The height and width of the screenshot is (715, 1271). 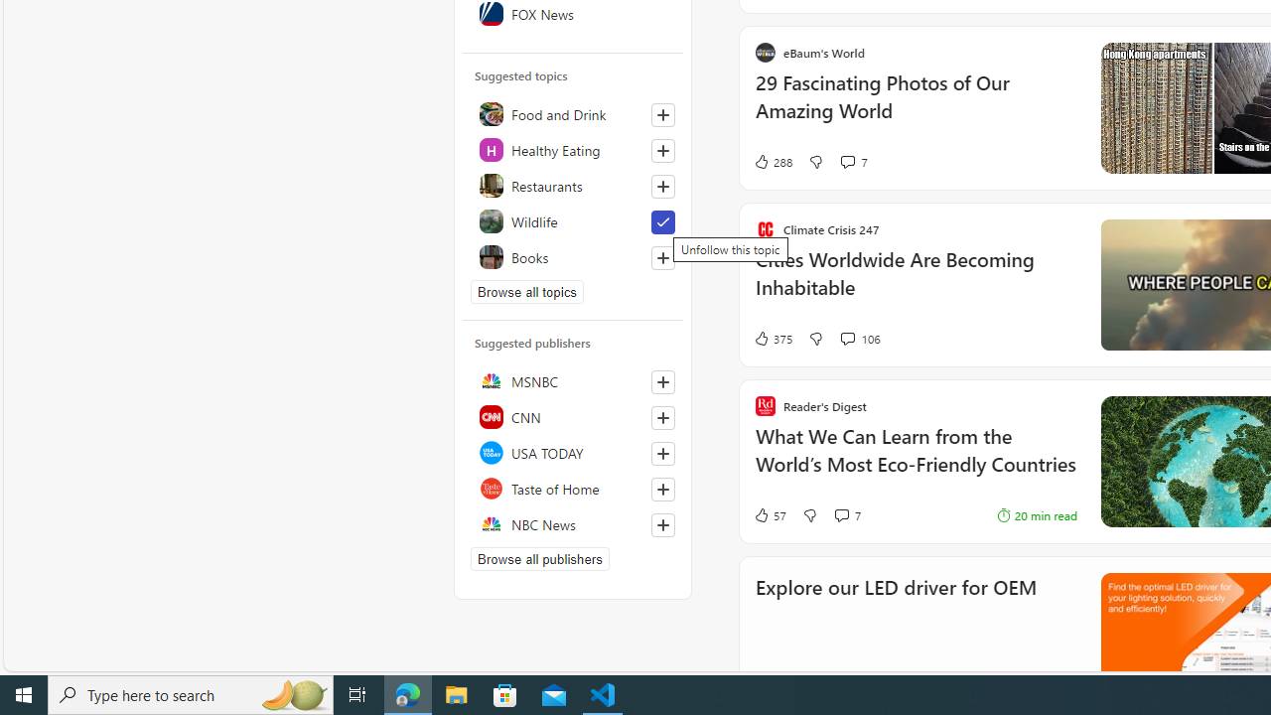 I want to click on '29 Fascinating Photos of Our Amazing World', so click(x=915, y=107).